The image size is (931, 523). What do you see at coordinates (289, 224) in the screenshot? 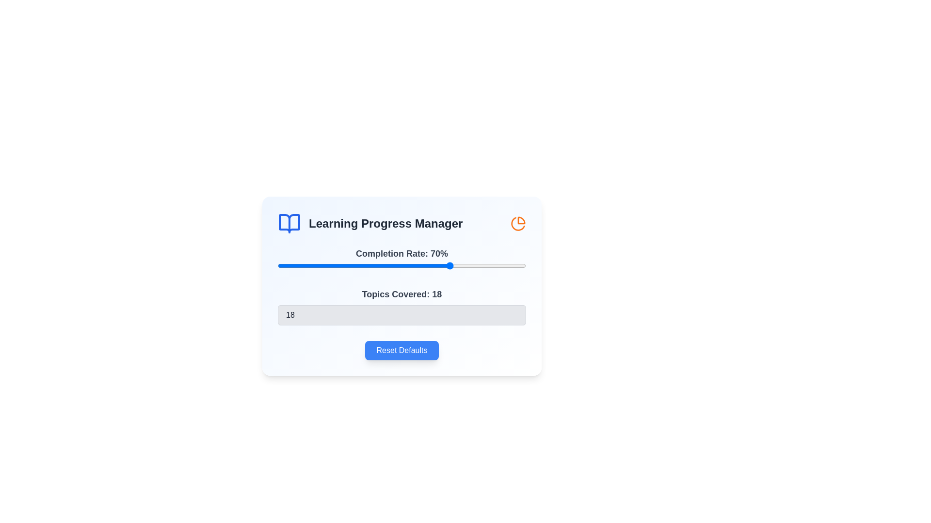
I see `the book icon in the header` at bounding box center [289, 224].